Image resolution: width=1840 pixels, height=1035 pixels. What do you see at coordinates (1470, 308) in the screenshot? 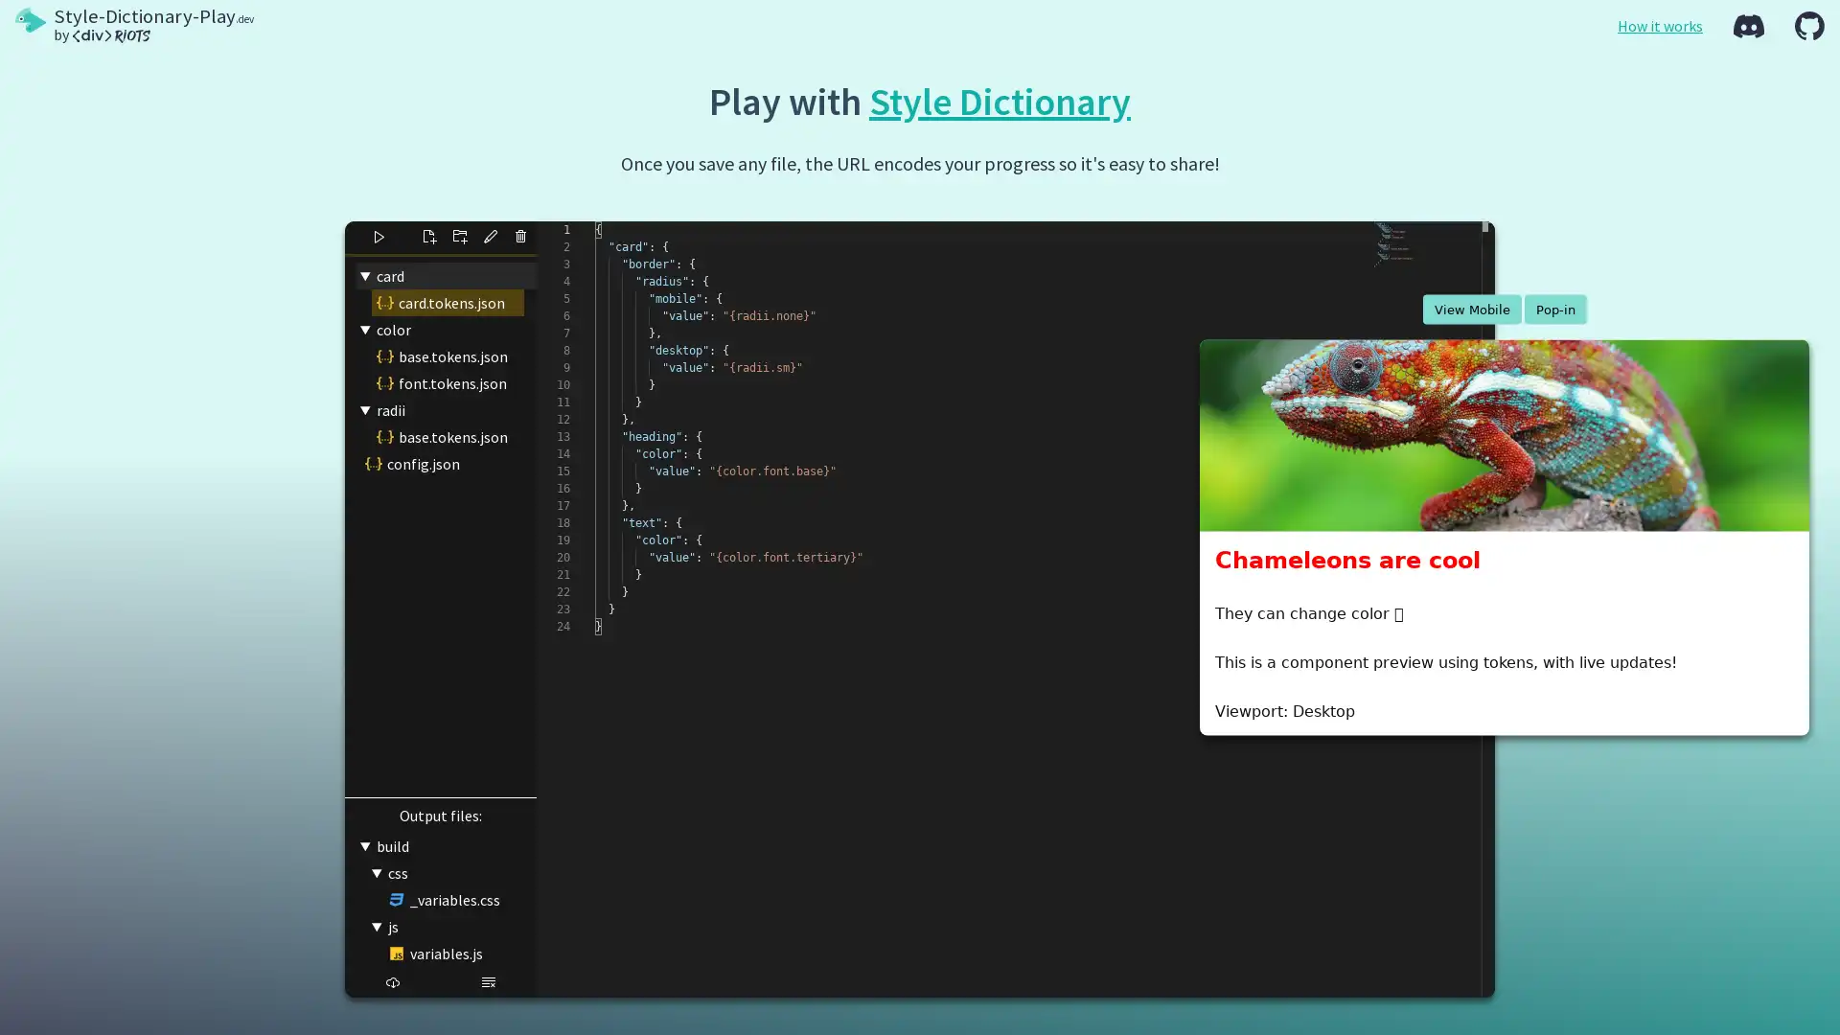
I see `View Mobile` at bounding box center [1470, 308].